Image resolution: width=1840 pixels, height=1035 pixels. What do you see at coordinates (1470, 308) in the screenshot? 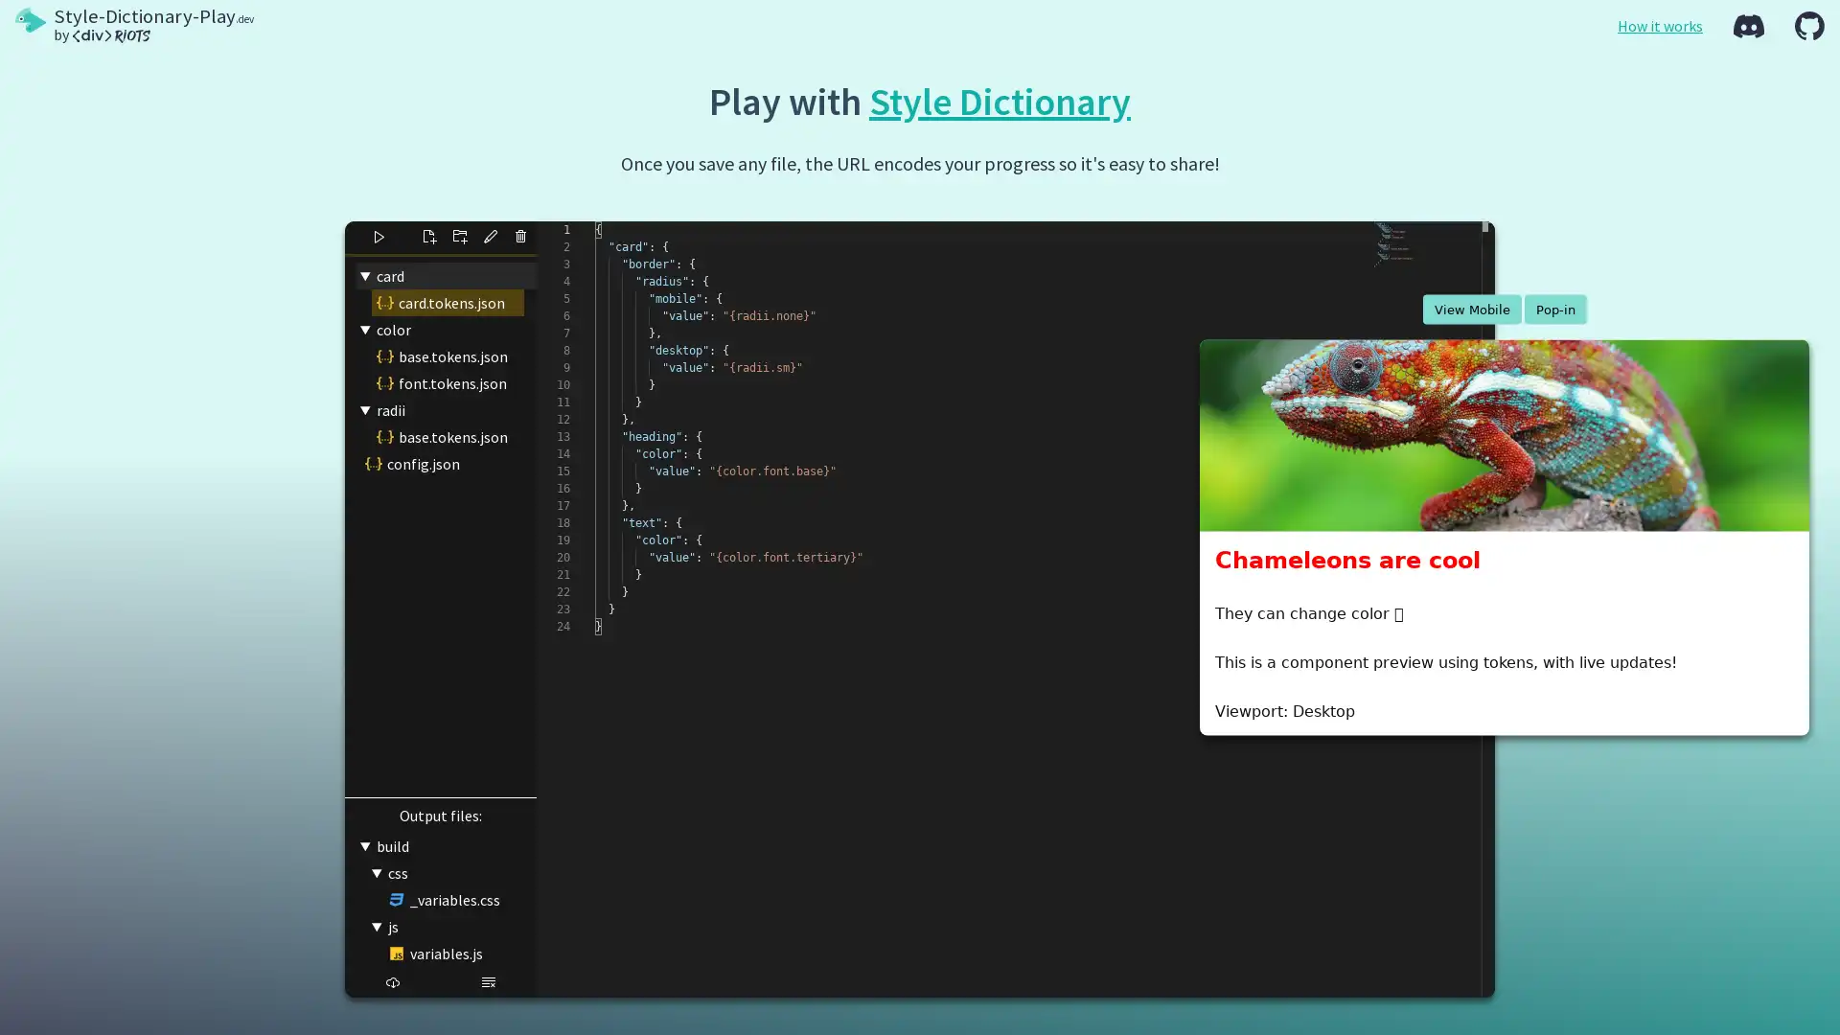
I see `View Mobile` at bounding box center [1470, 308].